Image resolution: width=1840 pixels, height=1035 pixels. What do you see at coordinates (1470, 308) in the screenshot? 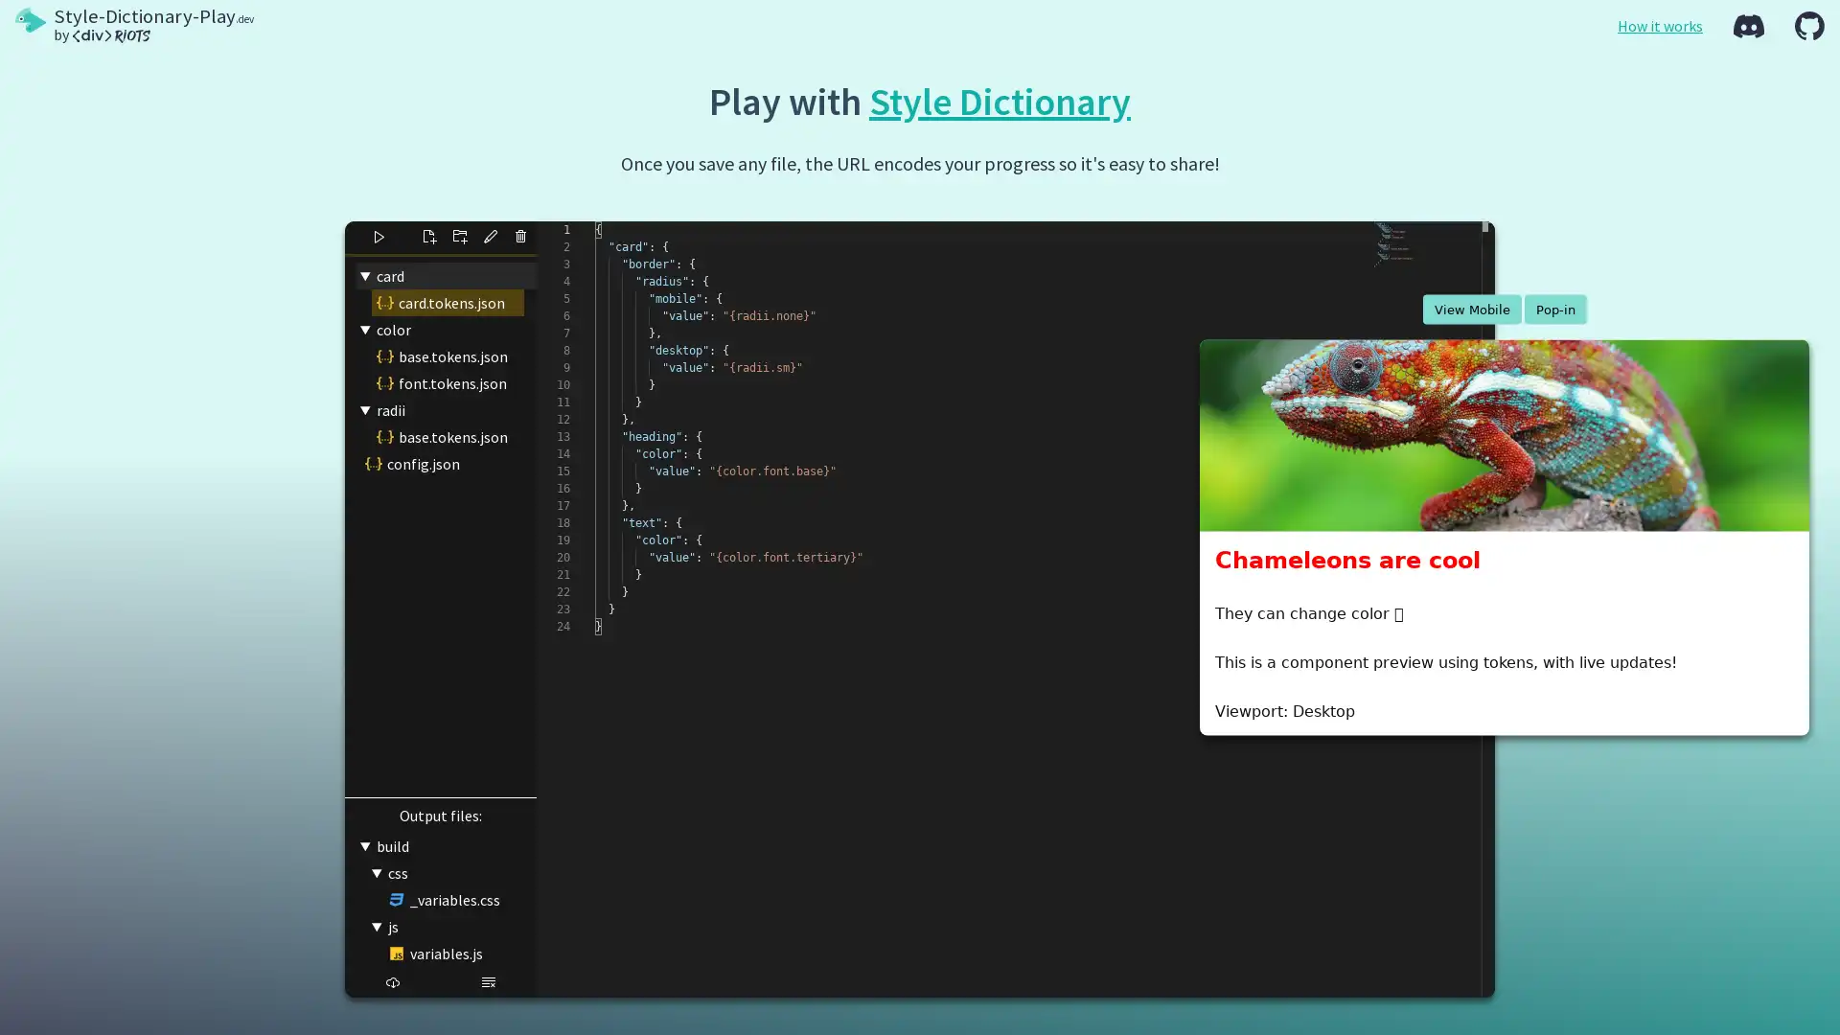
I see `View Mobile` at bounding box center [1470, 308].